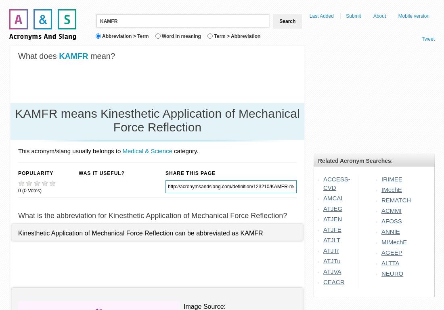 This screenshot has width=444, height=310. What do you see at coordinates (237, 35) in the screenshot?
I see `'Term > Abbreviation'` at bounding box center [237, 35].